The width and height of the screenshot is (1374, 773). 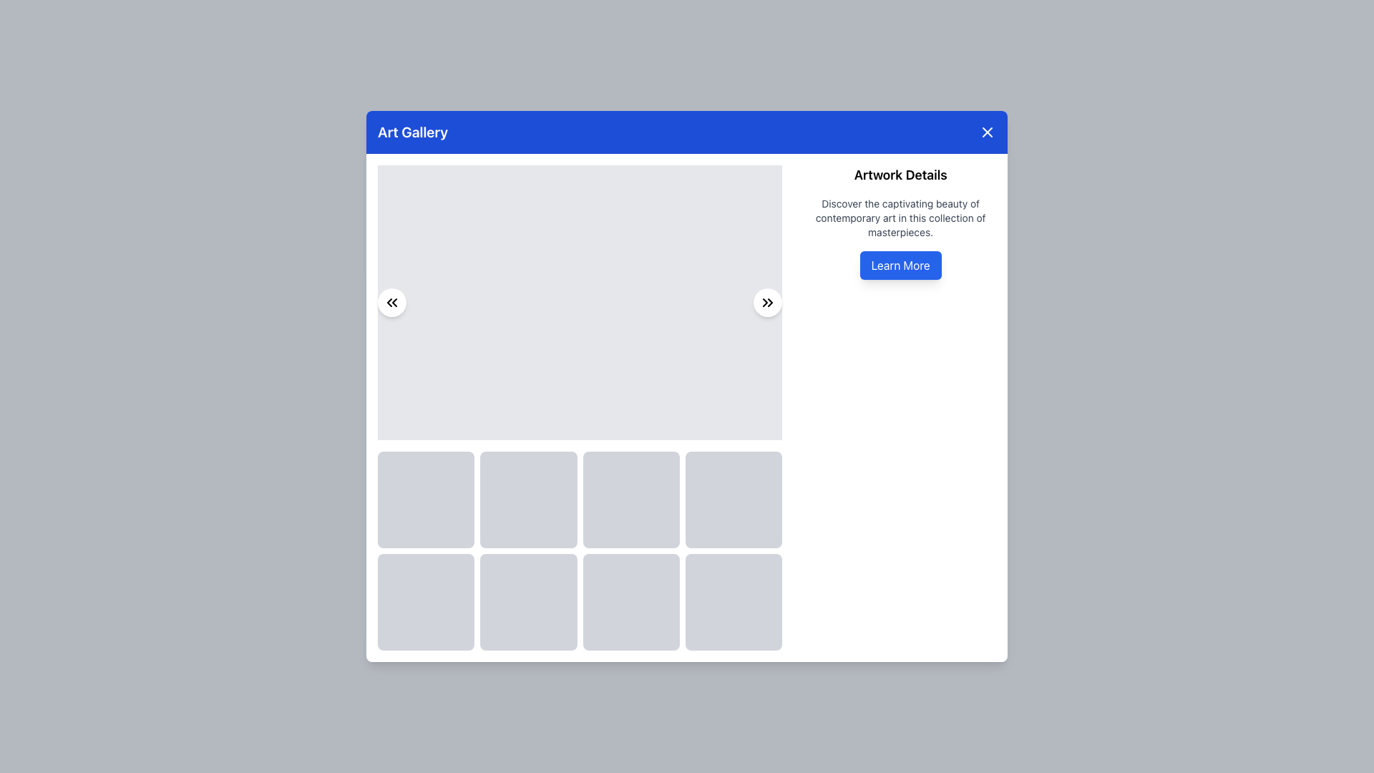 I want to click on the 'Learn More' button with a blue background located in the 'Artwork Details' section, so click(x=900, y=265).